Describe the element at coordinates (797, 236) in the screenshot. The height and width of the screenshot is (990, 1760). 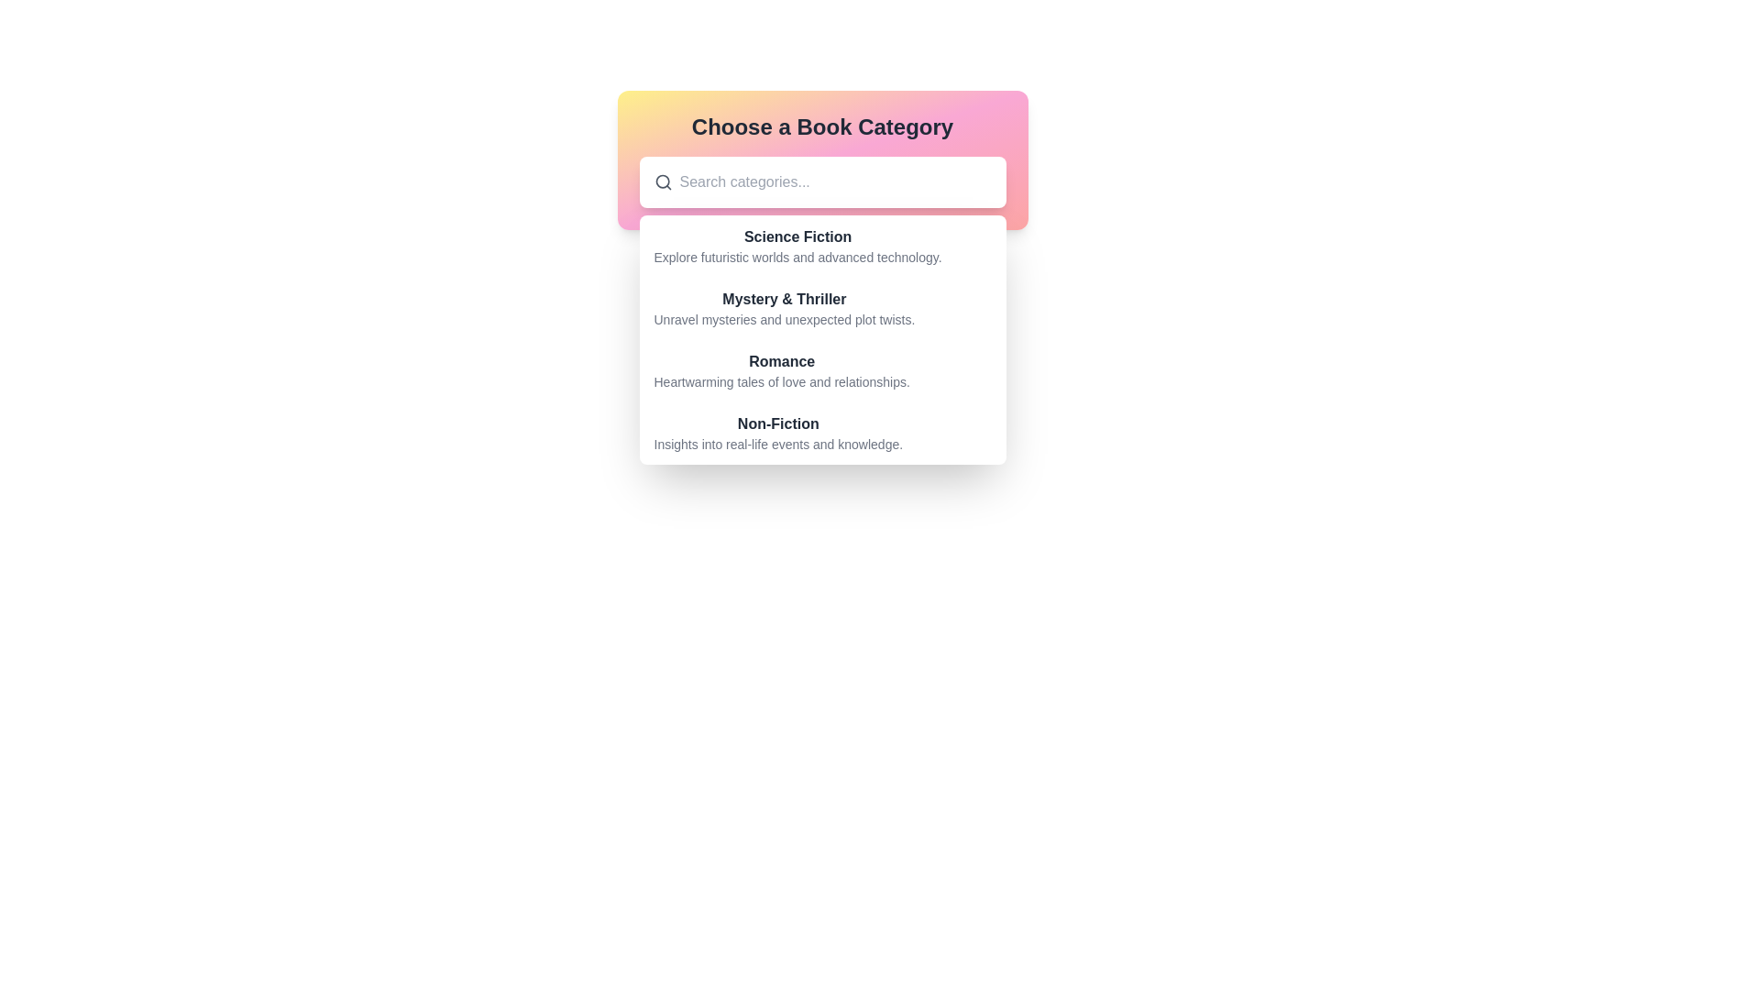
I see `the static text label displaying 'Science Fiction', which is bold and dark gray, located at the top of the book genres list` at that location.